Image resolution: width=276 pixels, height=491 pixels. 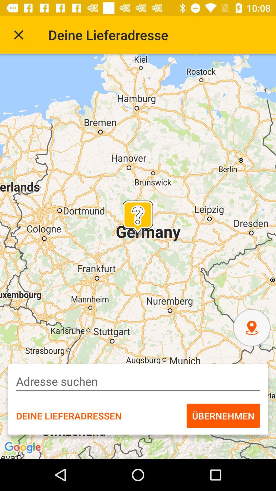 I want to click on item to the left of the deine lieferadresse, so click(x=18, y=35).